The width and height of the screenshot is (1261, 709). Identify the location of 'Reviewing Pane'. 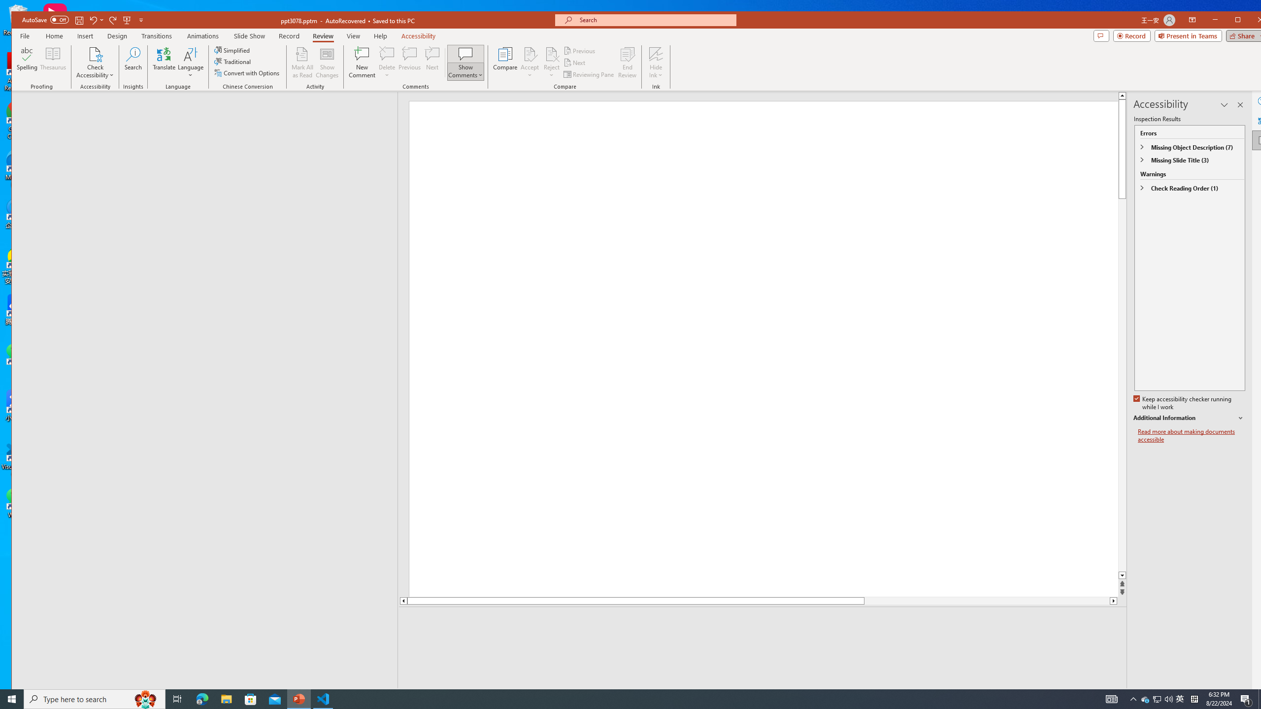
(589, 74).